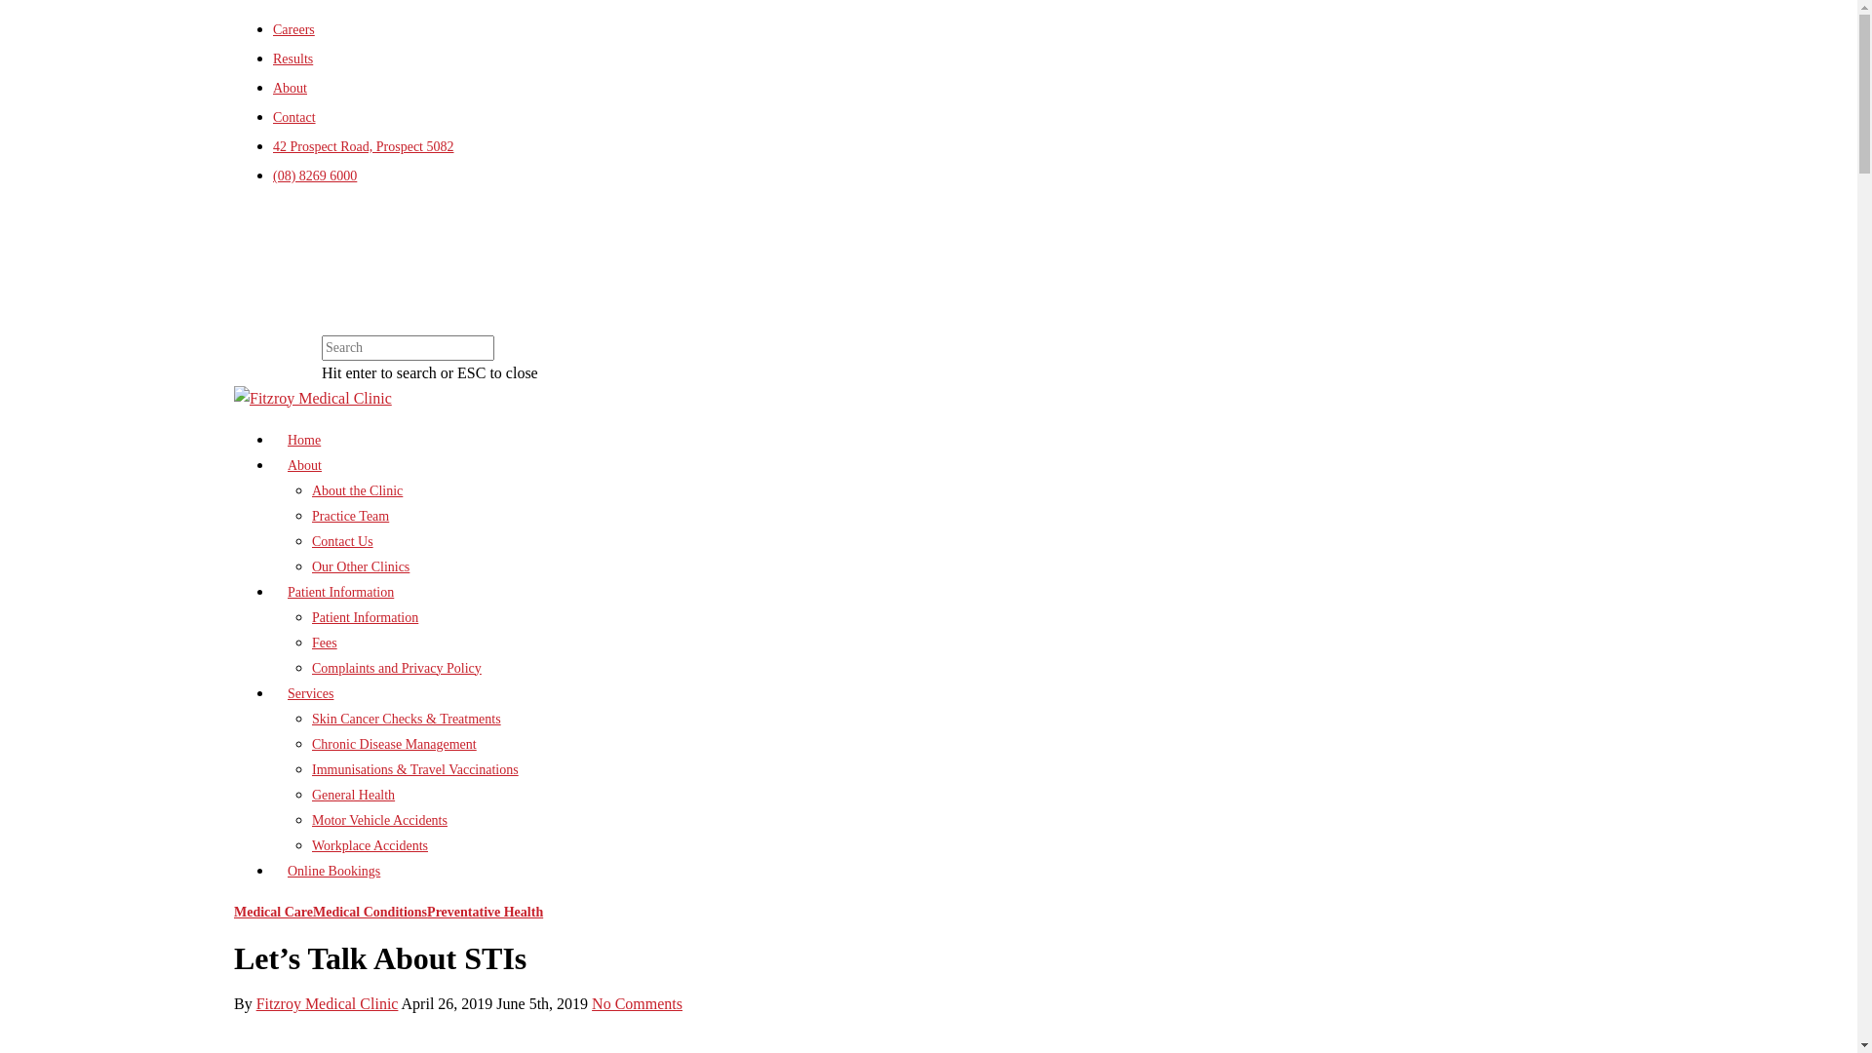 The height and width of the screenshot is (1053, 1872). What do you see at coordinates (396, 667) in the screenshot?
I see `'Complaints and Privacy Policy'` at bounding box center [396, 667].